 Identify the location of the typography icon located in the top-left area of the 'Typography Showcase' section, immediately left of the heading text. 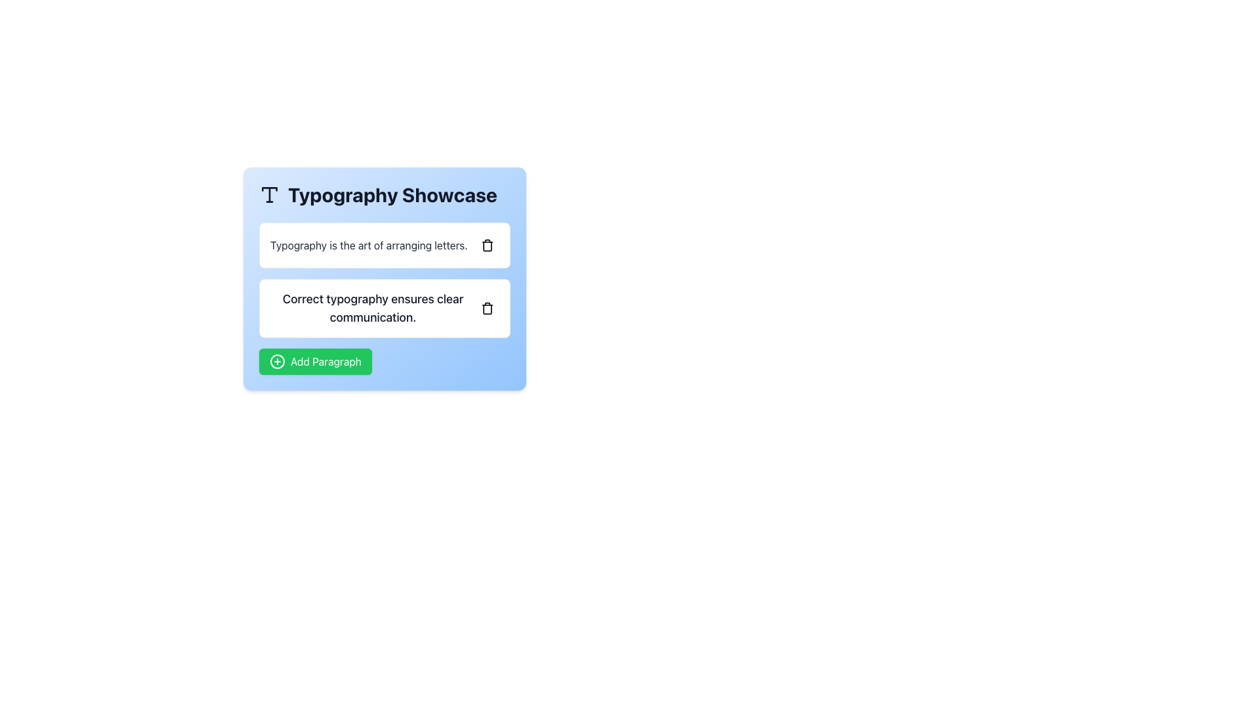
(269, 195).